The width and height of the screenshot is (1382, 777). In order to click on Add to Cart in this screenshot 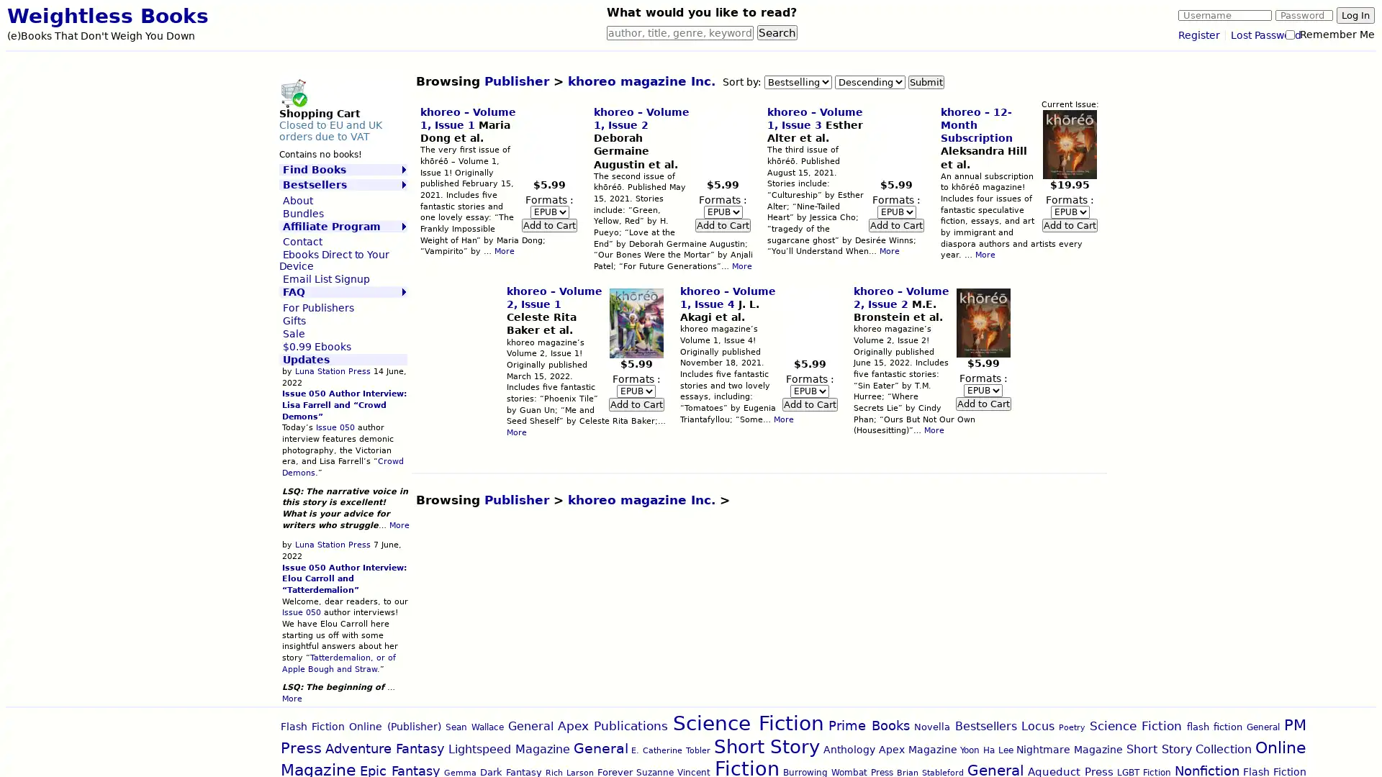, I will do `click(723, 224)`.